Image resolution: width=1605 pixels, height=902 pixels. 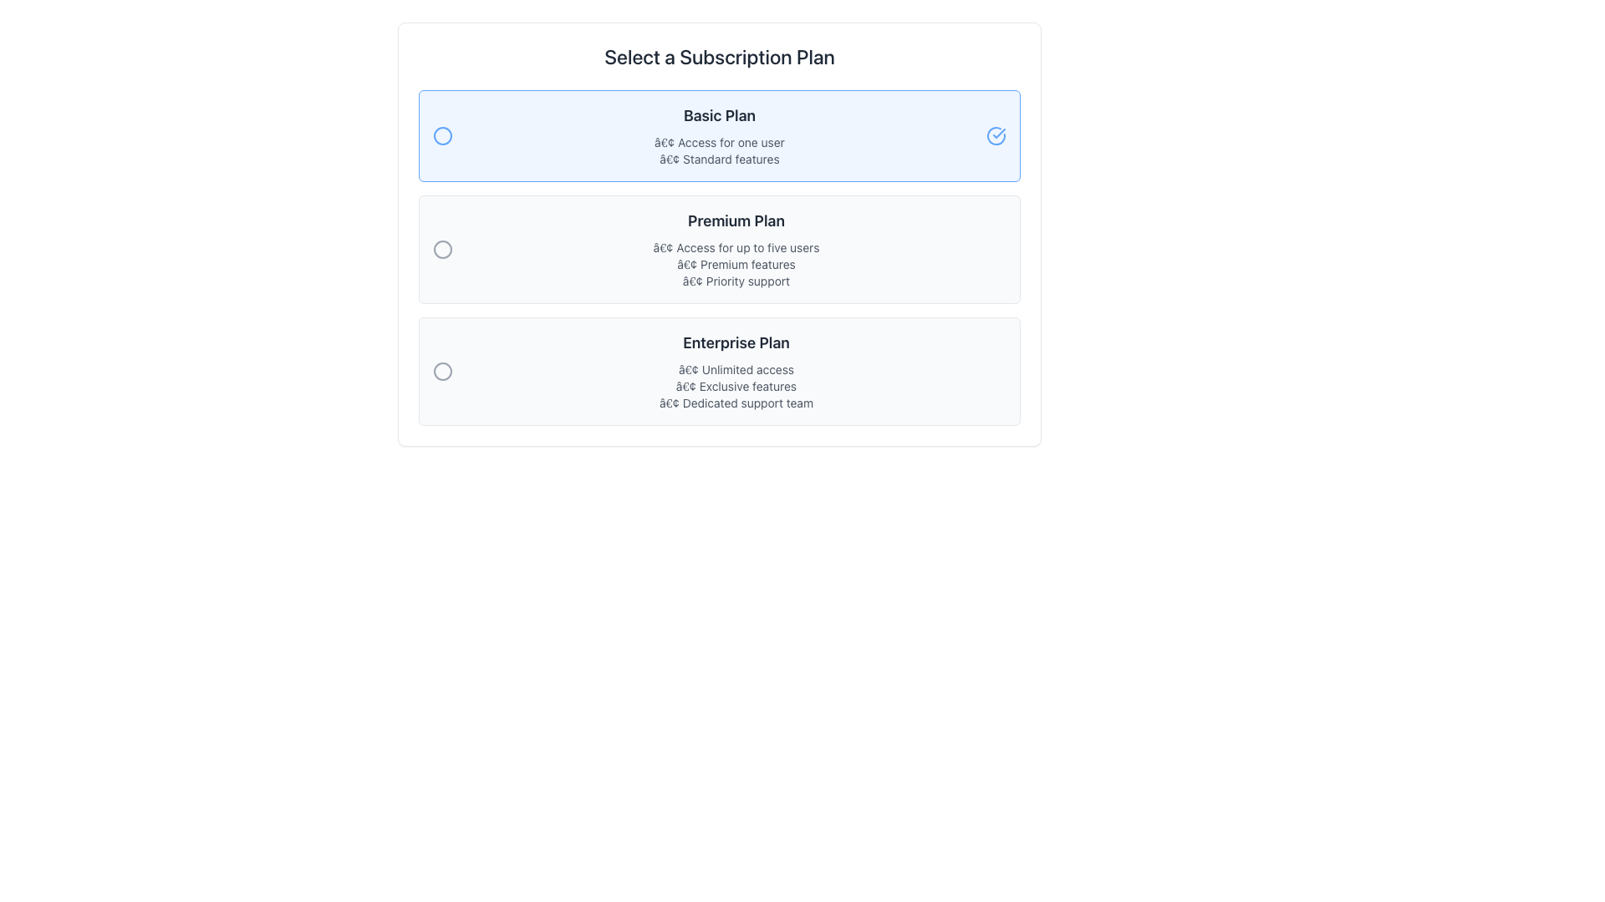 What do you see at coordinates (719, 160) in the screenshot?
I see `second bullet point in the 'Basic Plan' subscription list, located below the text '• Access for one user'` at bounding box center [719, 160].